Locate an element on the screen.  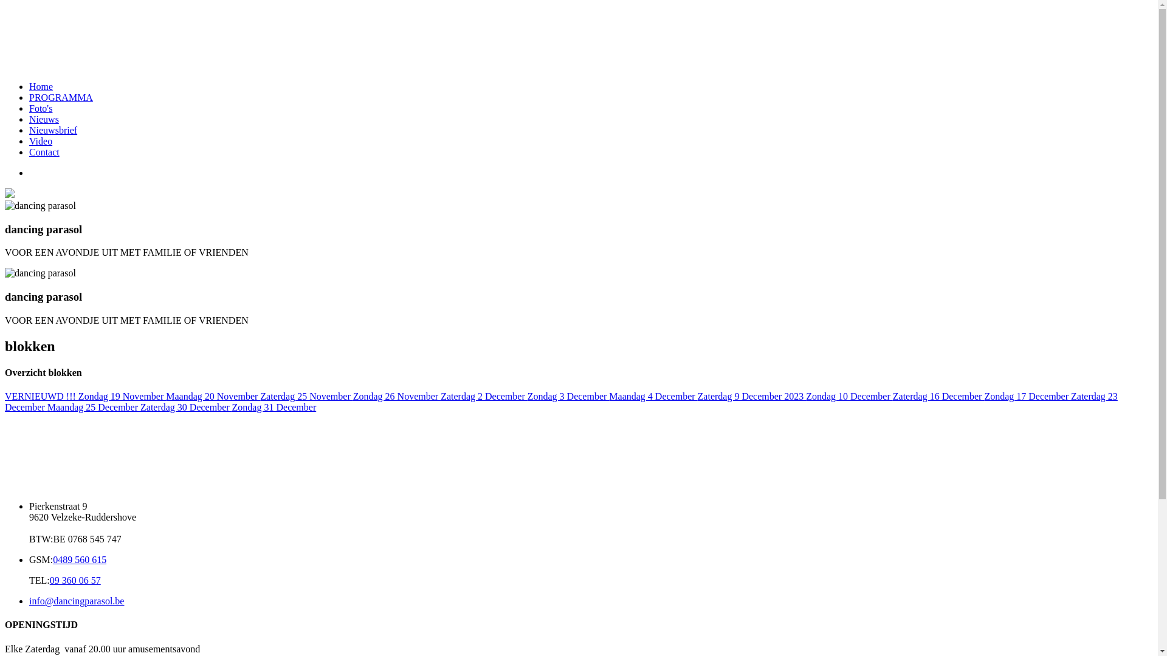
'Zondag 17 December' is located at coordinates (1027, 396).